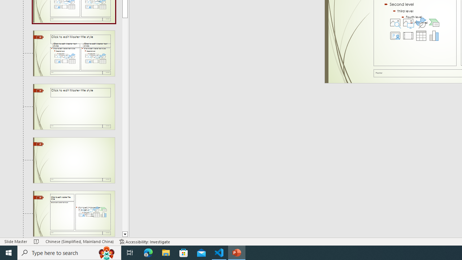 The width and height of the screenshot is (462, 260). I want to click on 'Insert Cameo', so click(395, 36).